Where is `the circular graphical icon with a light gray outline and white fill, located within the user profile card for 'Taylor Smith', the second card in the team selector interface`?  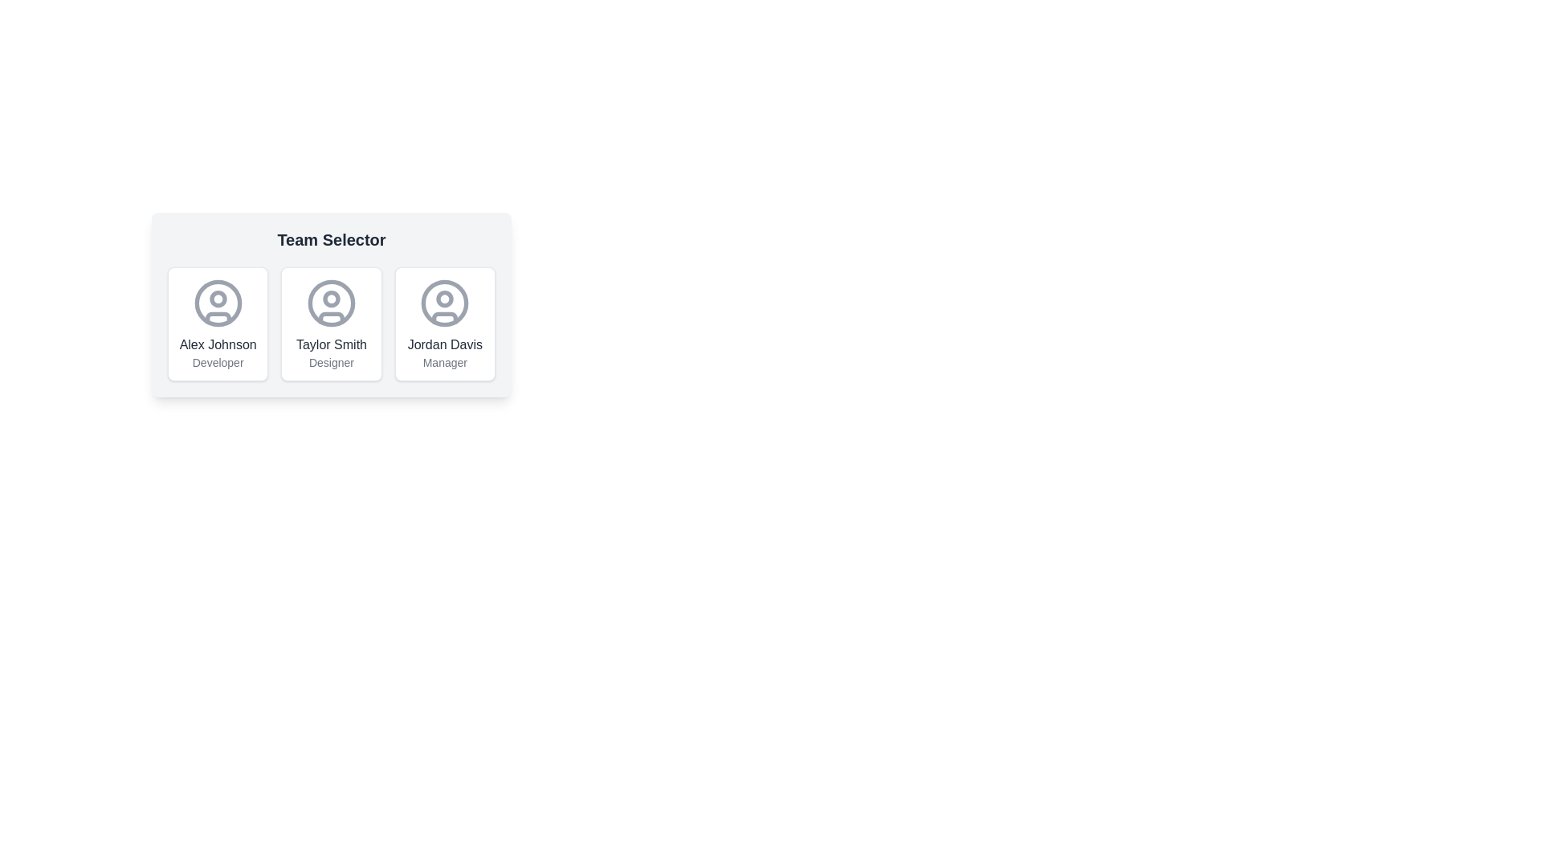 the circular graphical icon with a light gray outline and white fill, located within the user profile card for 'Taylor Smith', the second card in the team selector interface is located at coordinates (330, 303).